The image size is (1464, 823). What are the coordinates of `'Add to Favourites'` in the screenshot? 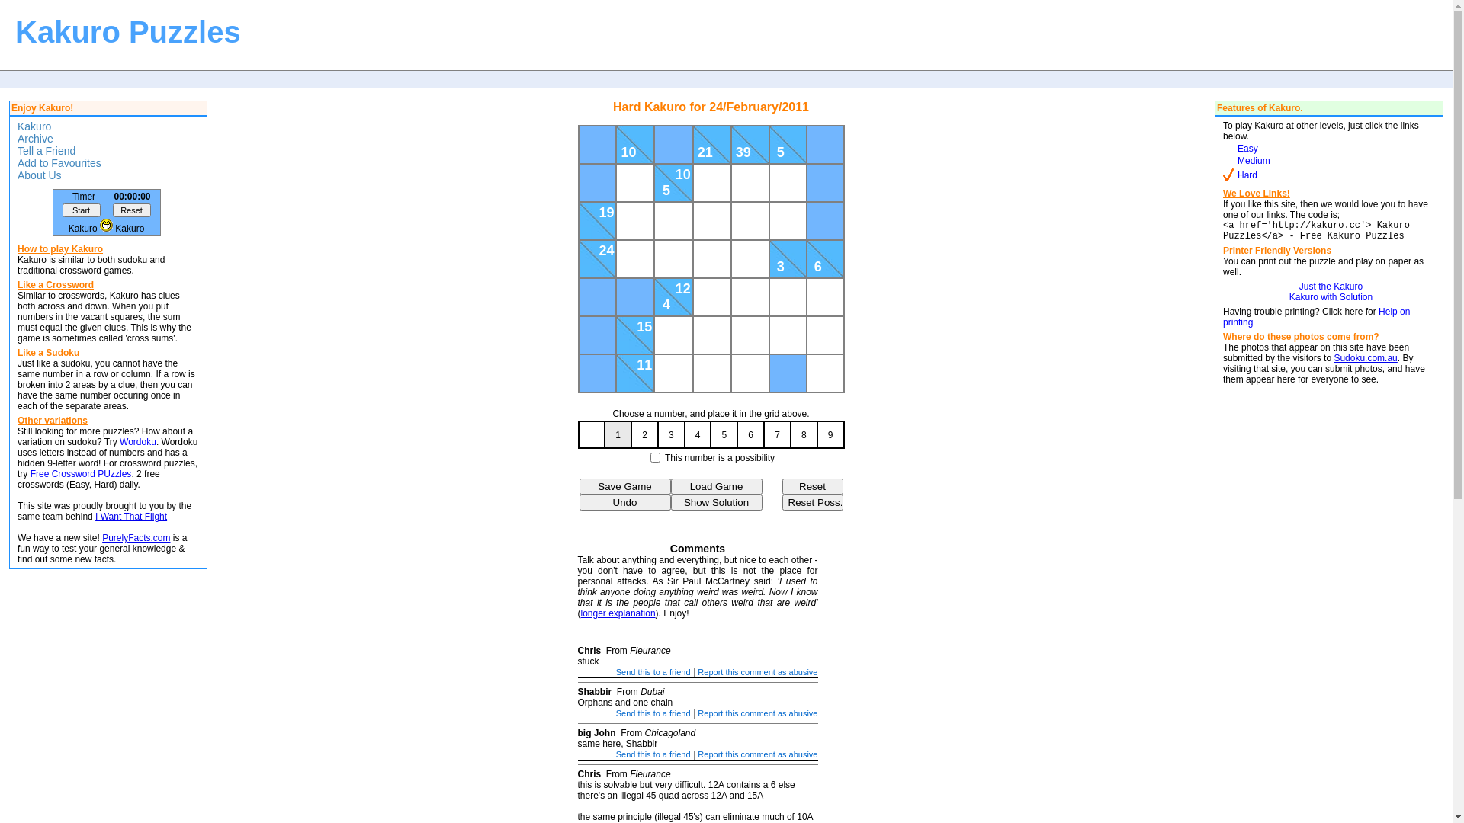 It's located at (57, 162).